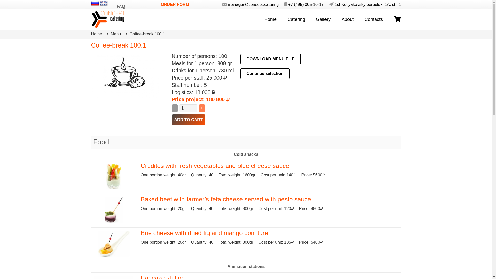 This screenshot has width=496, height=279. Describe the element at coordinates (120, 7) in the screenshot. I see `'FAQ'` at that location.